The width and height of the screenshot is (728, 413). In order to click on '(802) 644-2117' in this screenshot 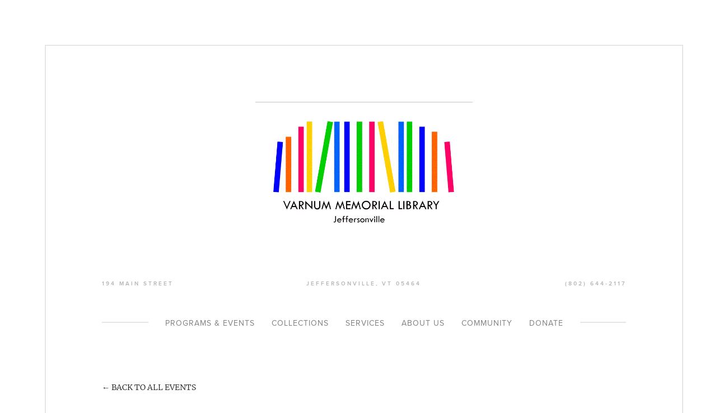, I will do `click(595, 283)`.